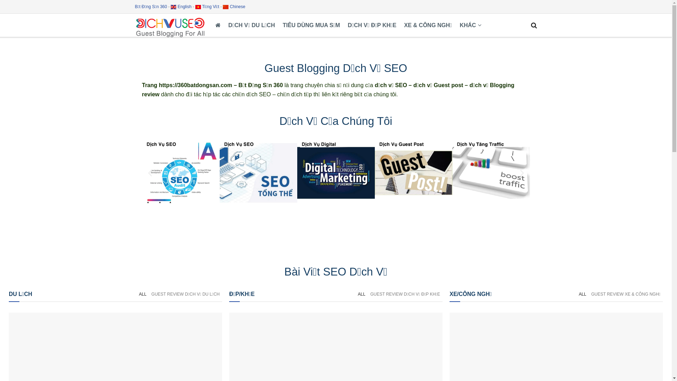 The image size is (677, 381). What do you see at coordinates (257, 173) in the screenshot?
I see `'Trang 5'` at bounding box center [257, 173].